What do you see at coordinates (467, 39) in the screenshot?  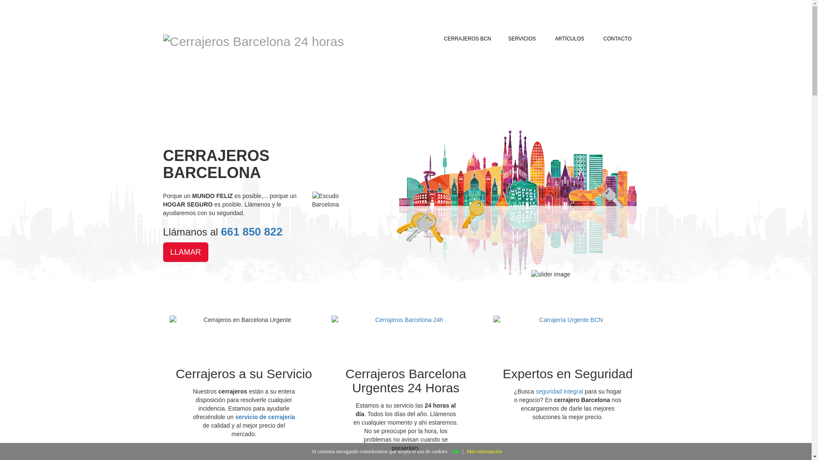 I see `'CERRAJEROS BCN'` at bounding box center [467, 39].